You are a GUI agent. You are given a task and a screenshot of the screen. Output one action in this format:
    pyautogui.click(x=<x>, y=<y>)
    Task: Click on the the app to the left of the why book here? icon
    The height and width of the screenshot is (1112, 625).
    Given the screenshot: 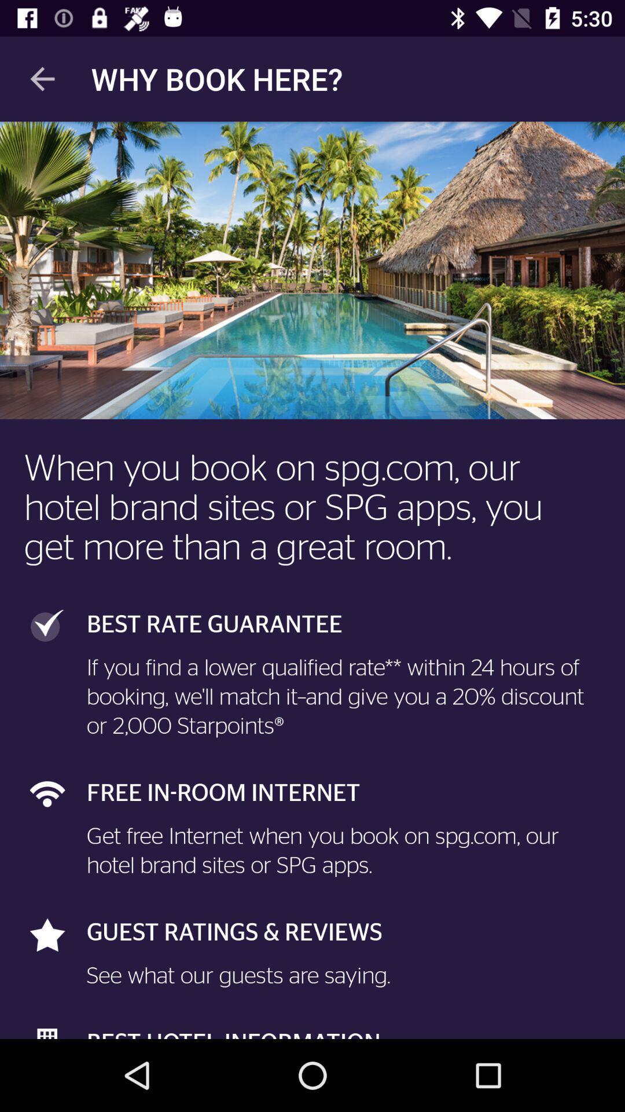 What is the action you would take?
    pyautogui.click(x=42, y=78)
    